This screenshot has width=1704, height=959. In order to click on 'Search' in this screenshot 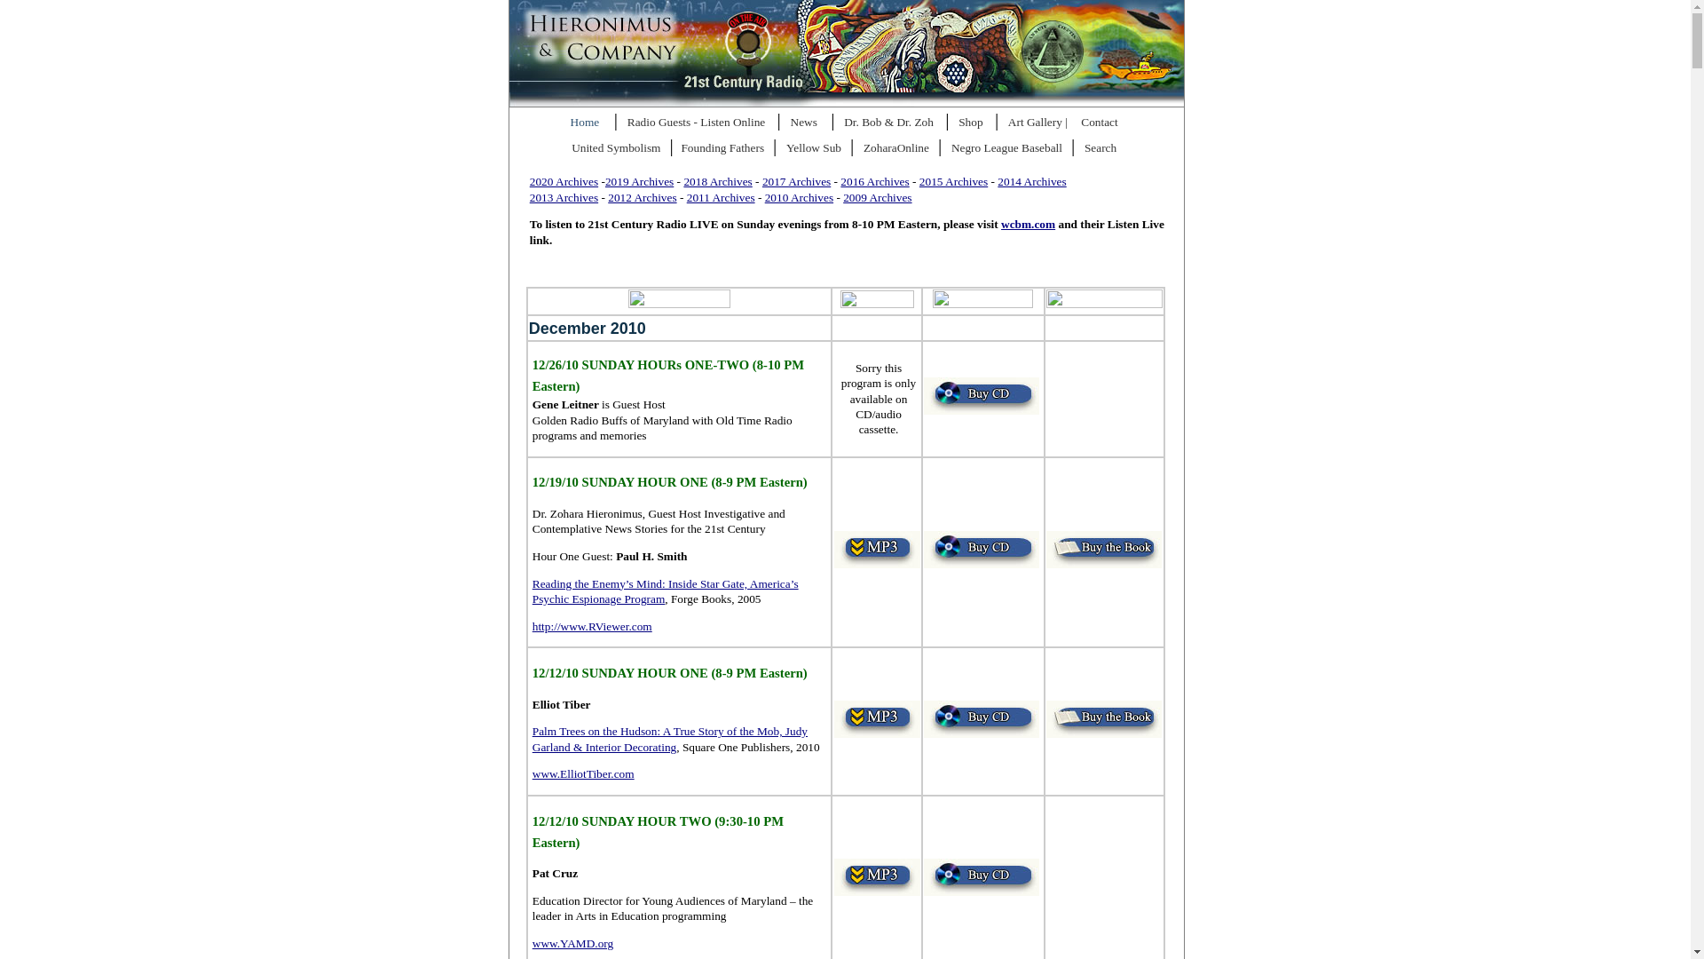, I will do `click(1102, 148)`.